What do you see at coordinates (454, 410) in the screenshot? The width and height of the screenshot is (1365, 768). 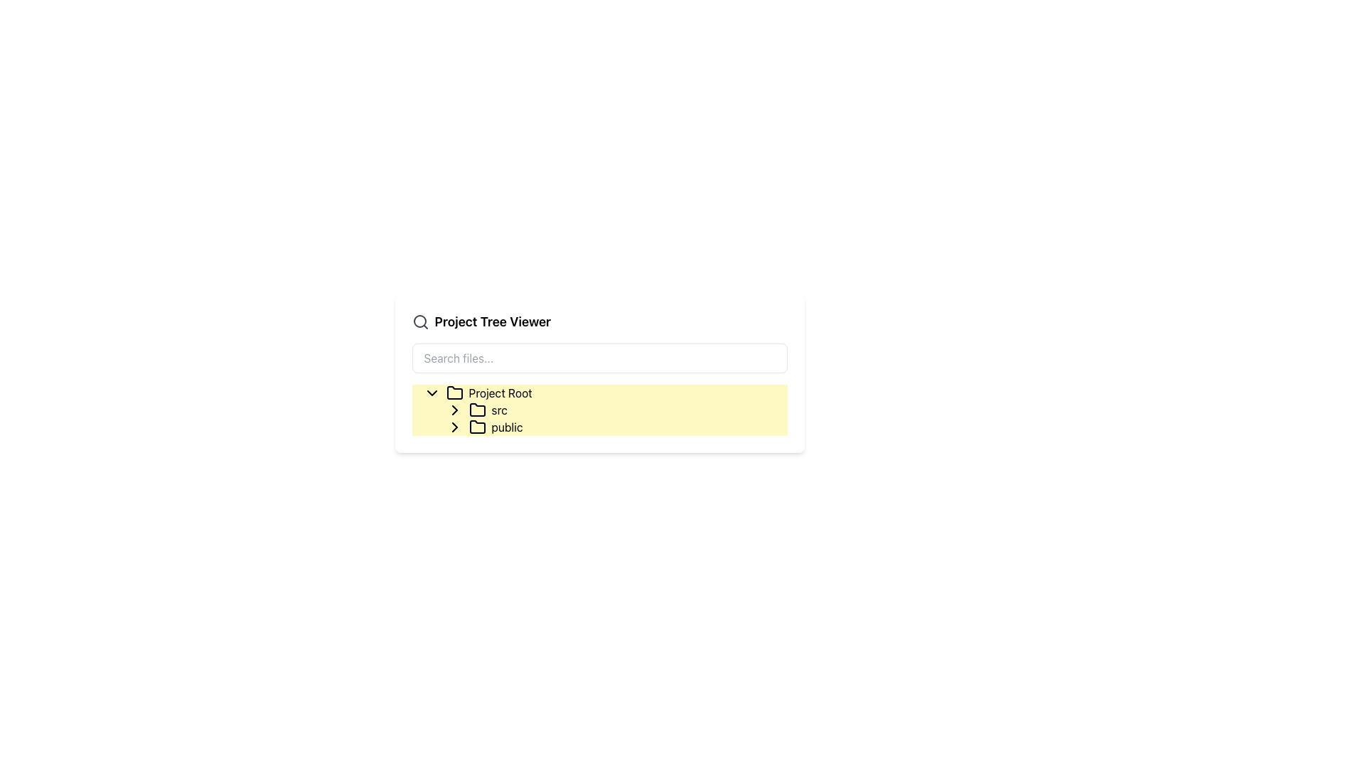 I see `the folder toggle button located to the left of the 'public' folder label in the file tree interface` at bounding box center [454, 410].